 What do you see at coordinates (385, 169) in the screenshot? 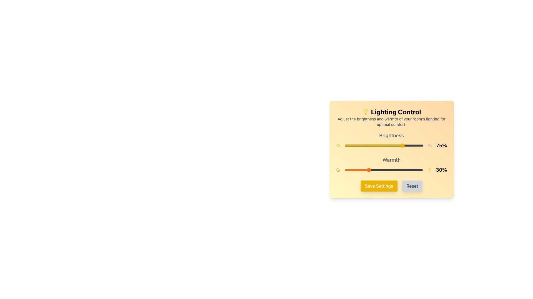
I see `warmth` at bounding box center [385, 169].